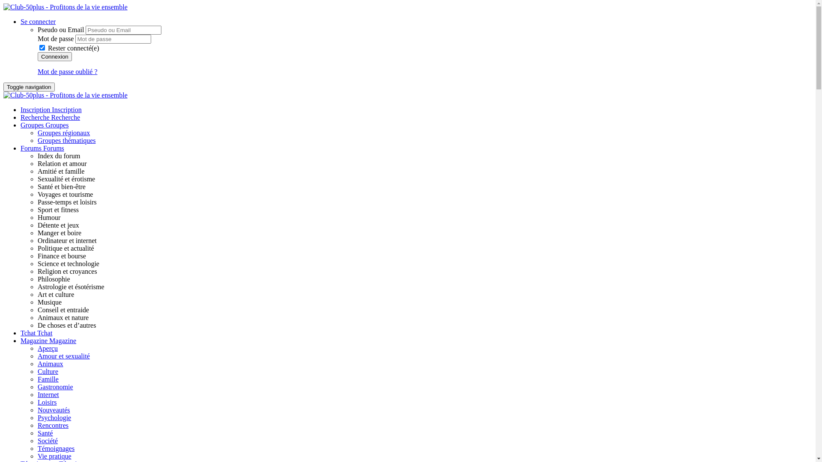  I want to click on 'Manger et boire', so click(59, 233).